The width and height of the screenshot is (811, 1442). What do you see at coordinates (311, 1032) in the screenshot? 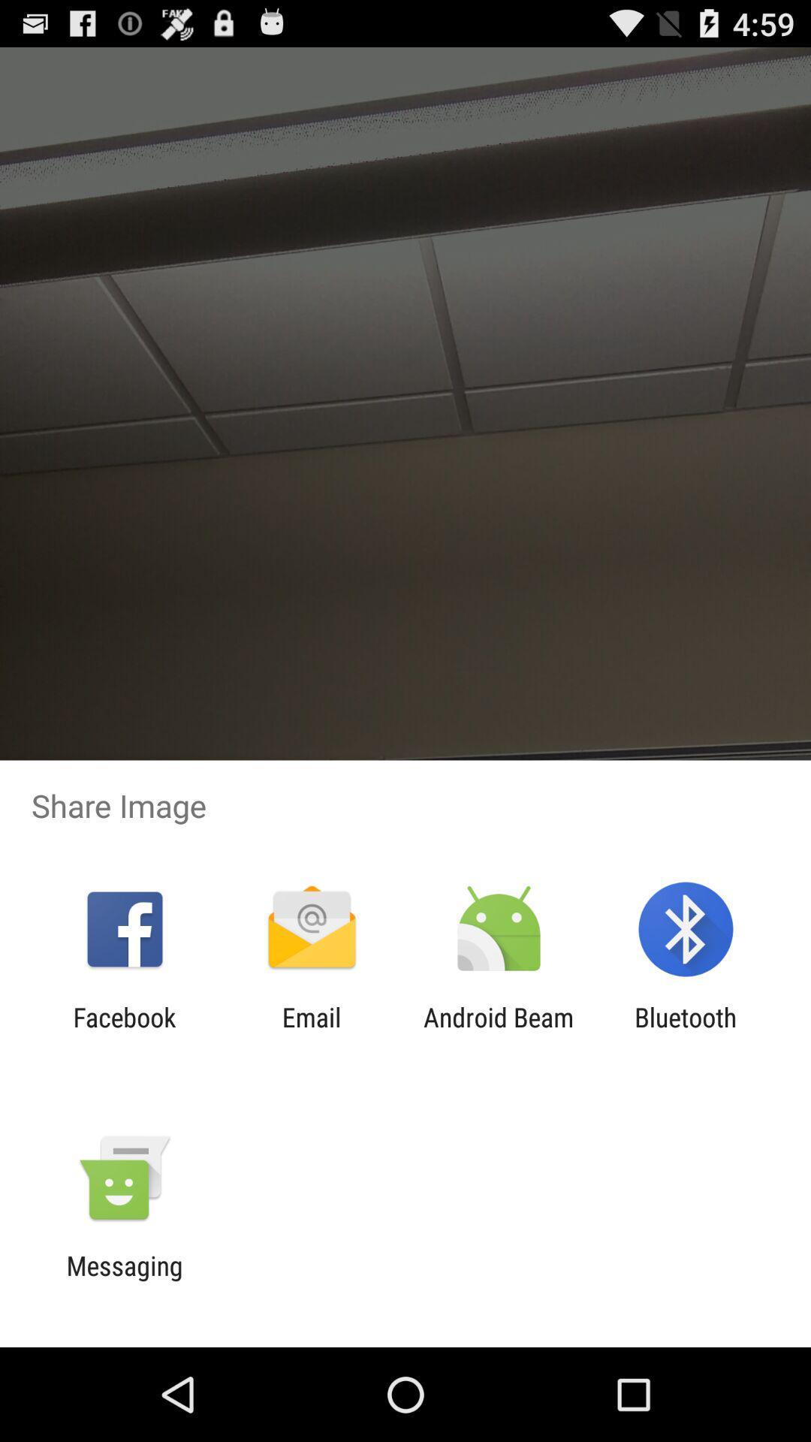
I see `the email icon` at bounding box center [311, 1032].